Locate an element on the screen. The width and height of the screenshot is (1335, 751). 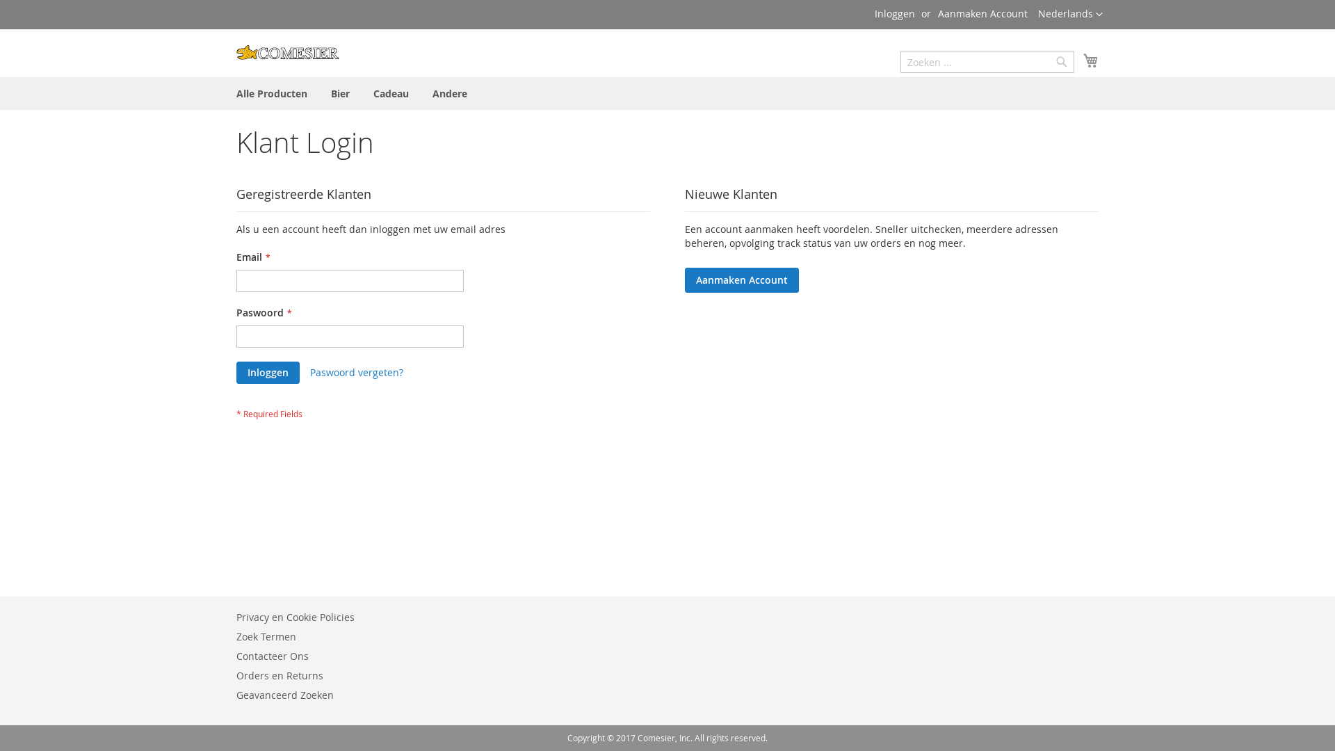
'Zoek Termen' is located at coordinates (266, 636).